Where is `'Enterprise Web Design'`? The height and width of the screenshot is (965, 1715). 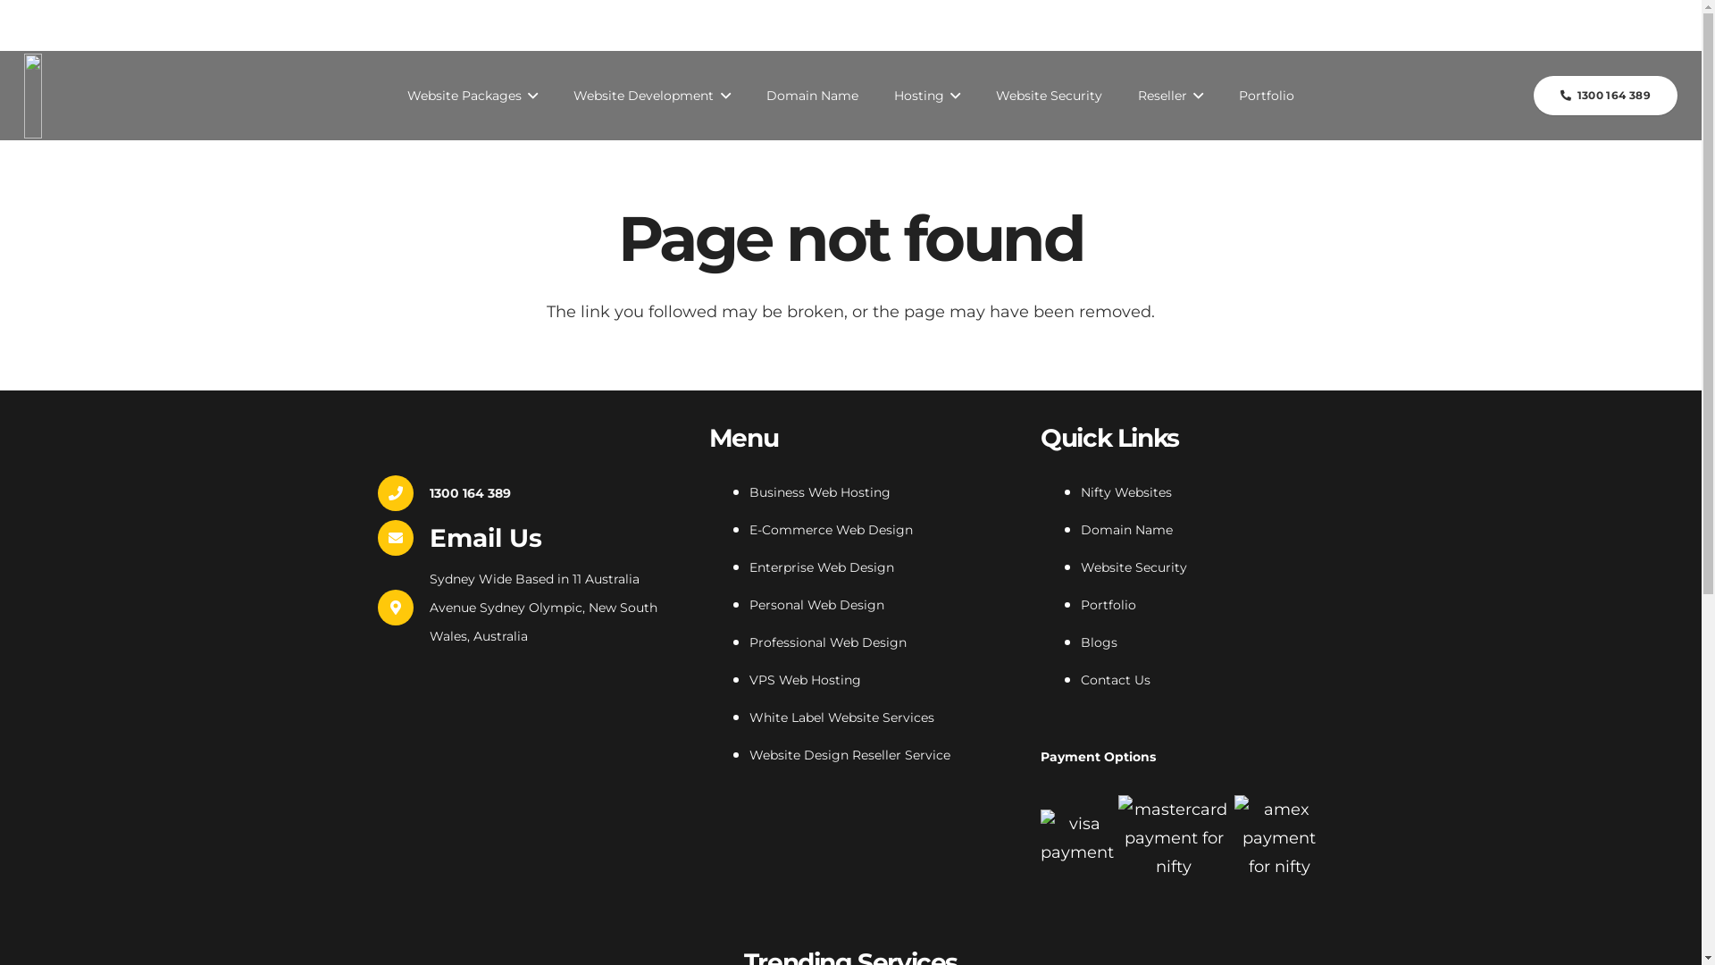 'Enterprise Web Design' is located at coordinates (821, 567).